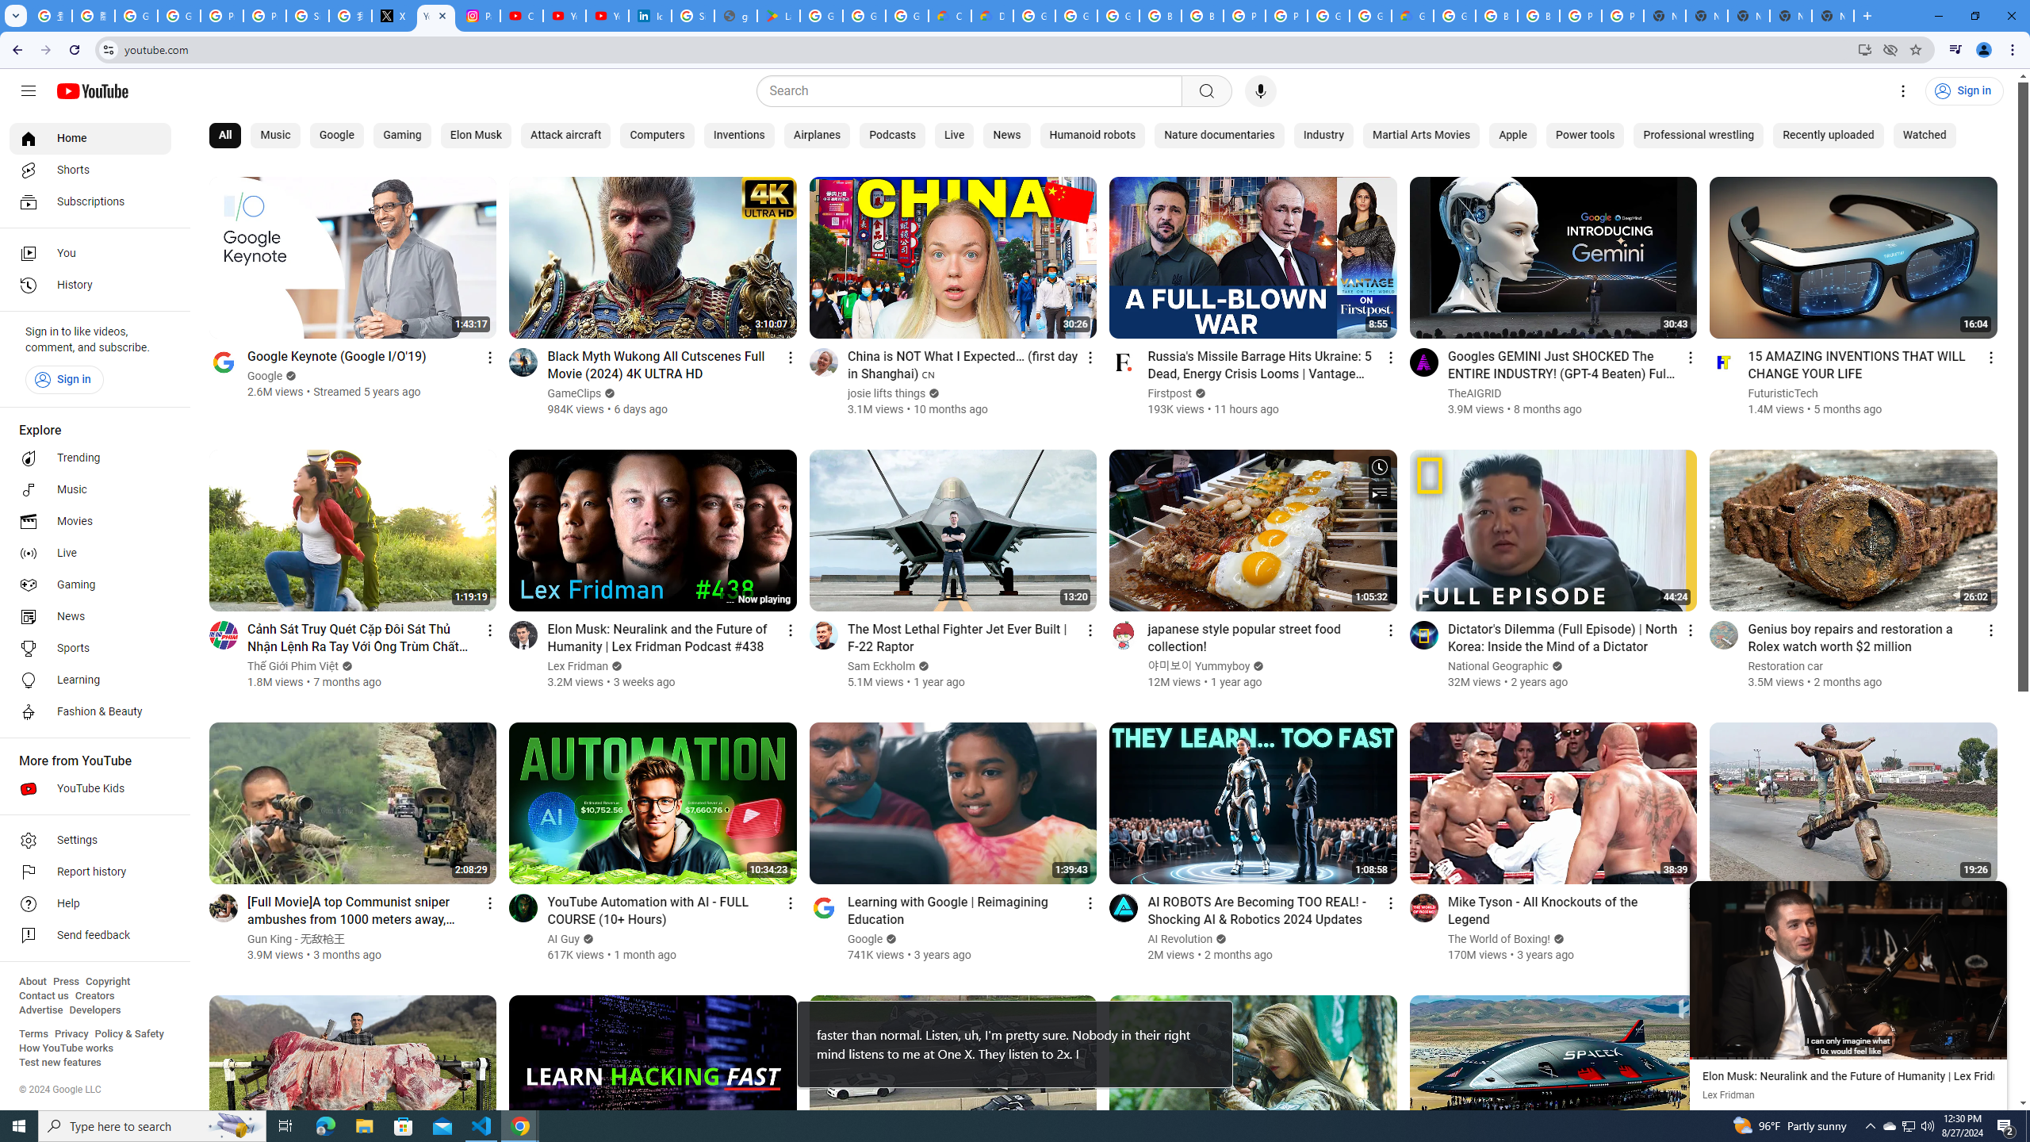  What do you see at coordinates (40, 1009) in the screenshot?
I see `'Advertise'` at bounding box center [40, 1009].